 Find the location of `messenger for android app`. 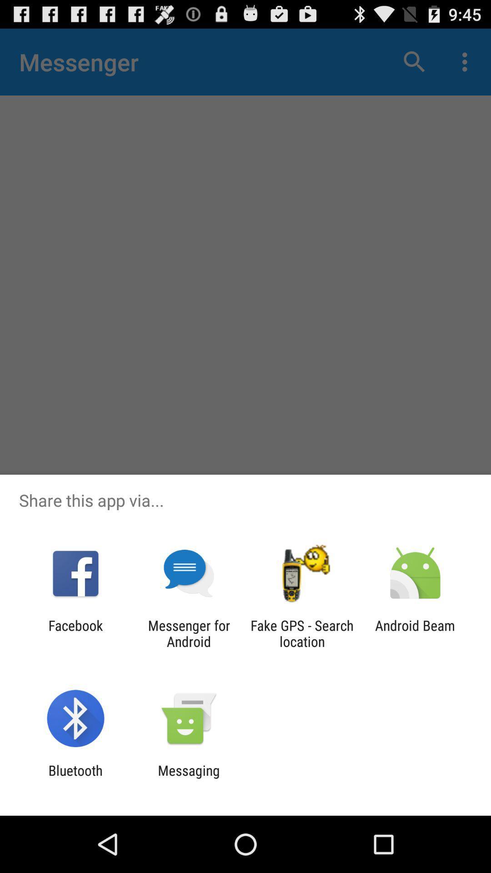

messenger for android app is located at coordinates (188, 633).